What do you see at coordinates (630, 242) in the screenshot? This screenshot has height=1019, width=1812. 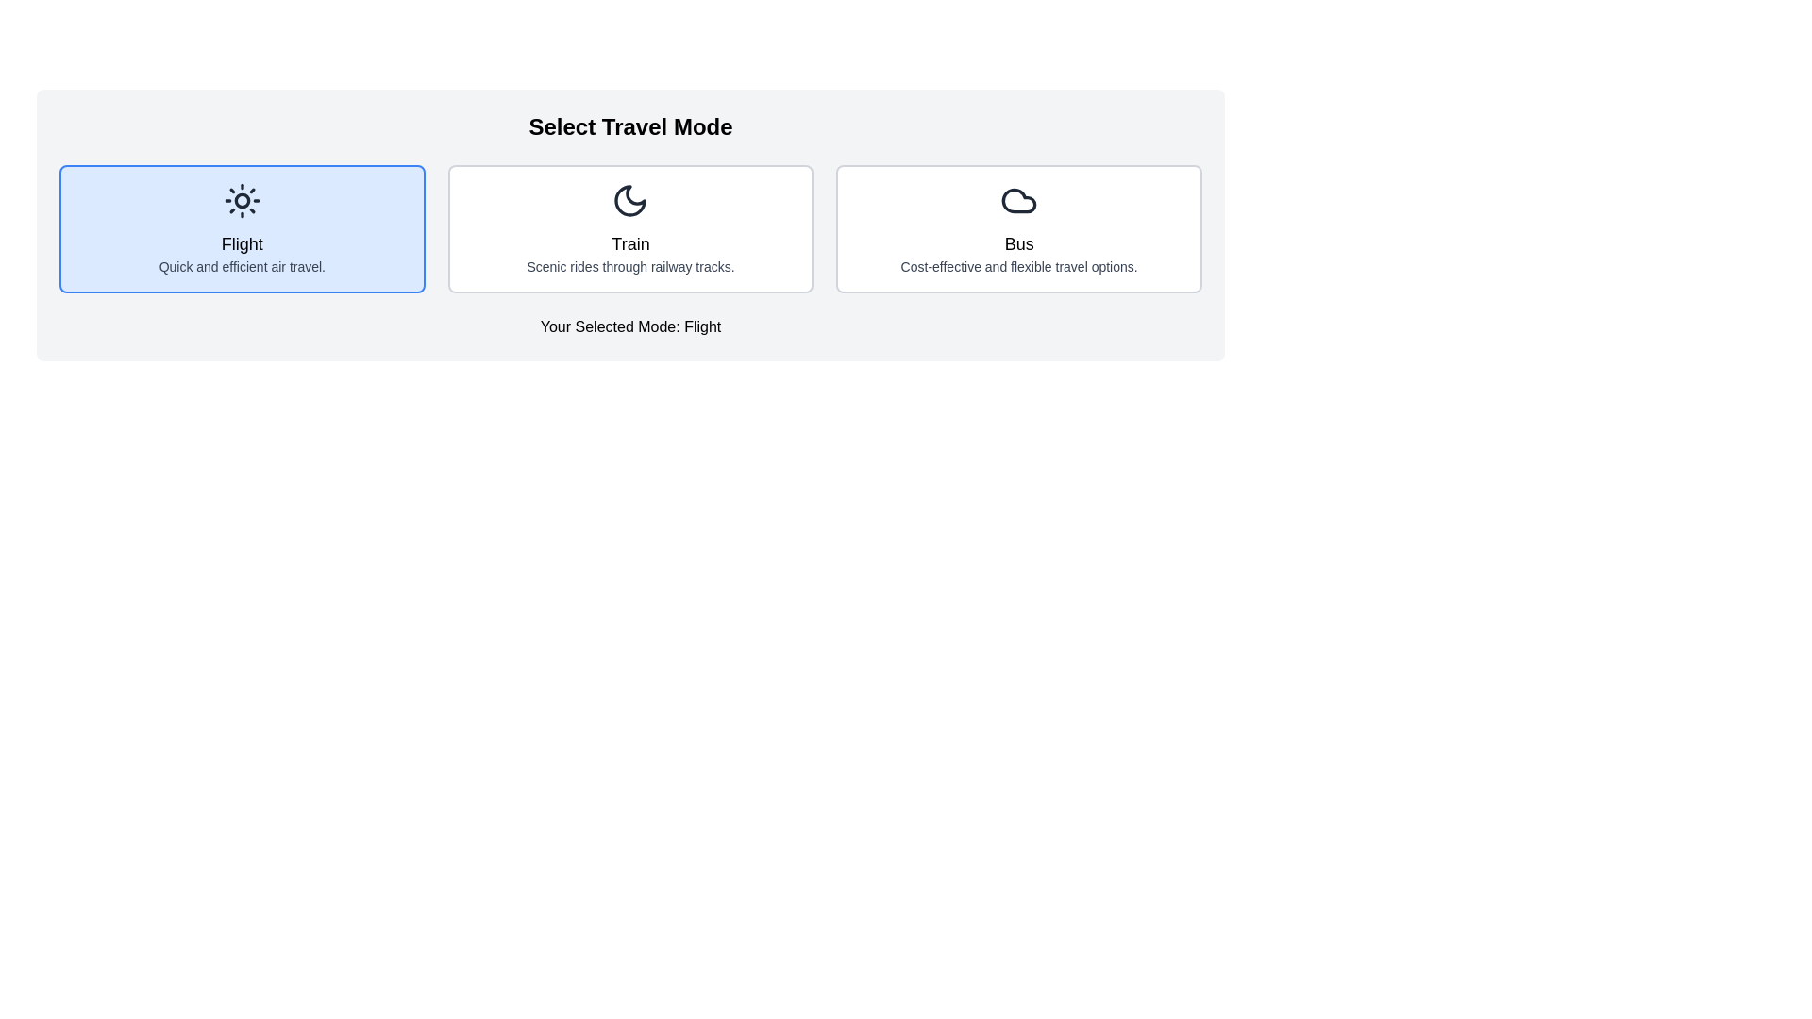 I see `the 'Train' text label which identifies the choice of travel modes, positioned below a crescent moon icon and above the subtitle 'Scenic rides through railway tracks'` at bounding box center [630, 242].